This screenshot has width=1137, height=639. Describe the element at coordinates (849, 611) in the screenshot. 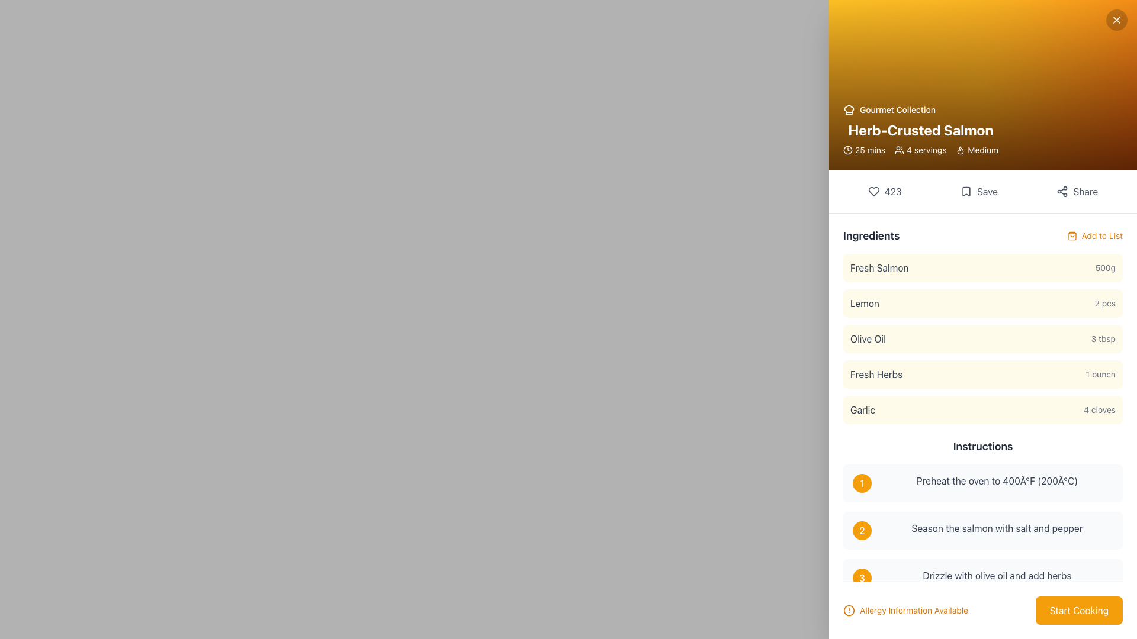

I see `the circular SVG graphical component with a 10-pixel radius located in the bottom right quadrant of the interface` at that location.